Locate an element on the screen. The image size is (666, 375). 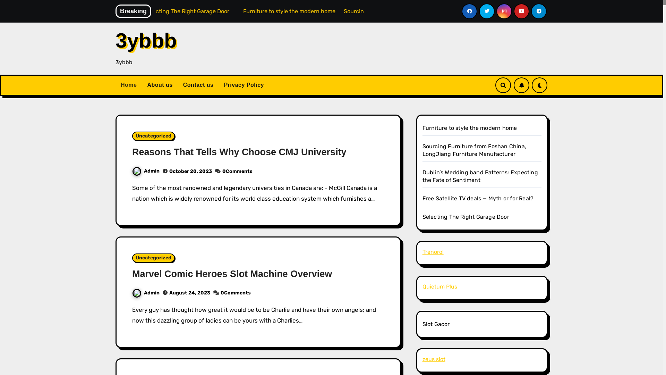
'Admin' is located at coordinates (145, 293).